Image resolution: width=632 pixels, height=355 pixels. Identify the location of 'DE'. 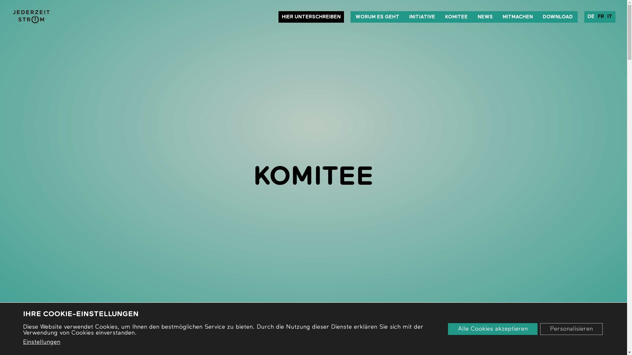
(591, 16).